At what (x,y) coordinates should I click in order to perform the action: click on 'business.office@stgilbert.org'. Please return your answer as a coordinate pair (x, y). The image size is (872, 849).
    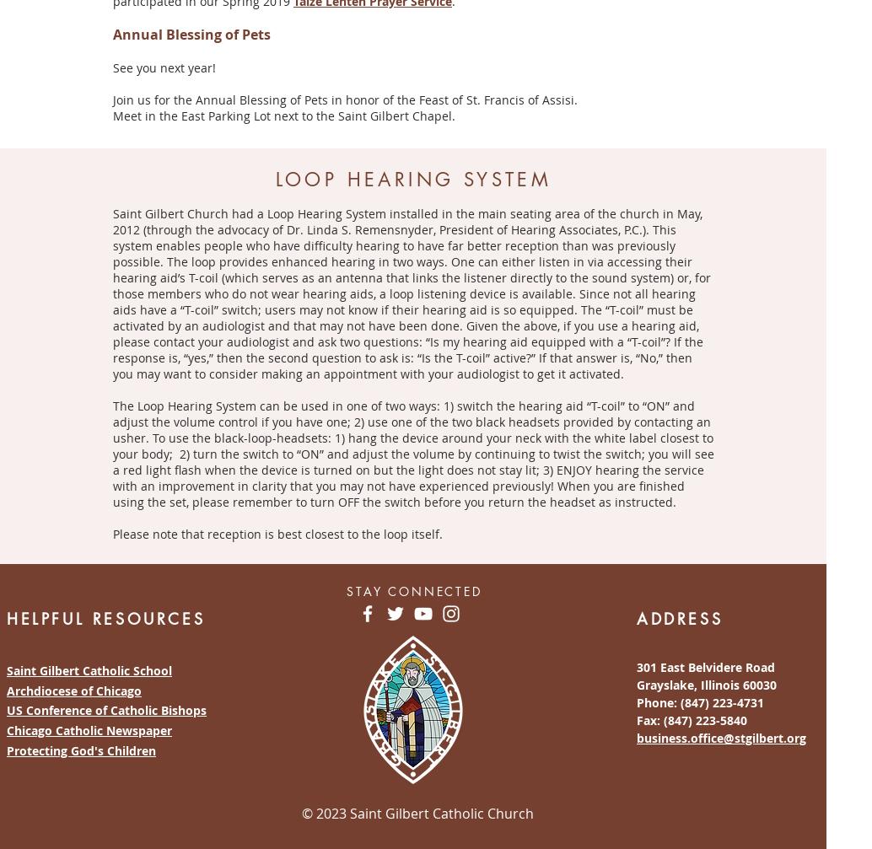
    Looking at the image, I should click on (720, 736).